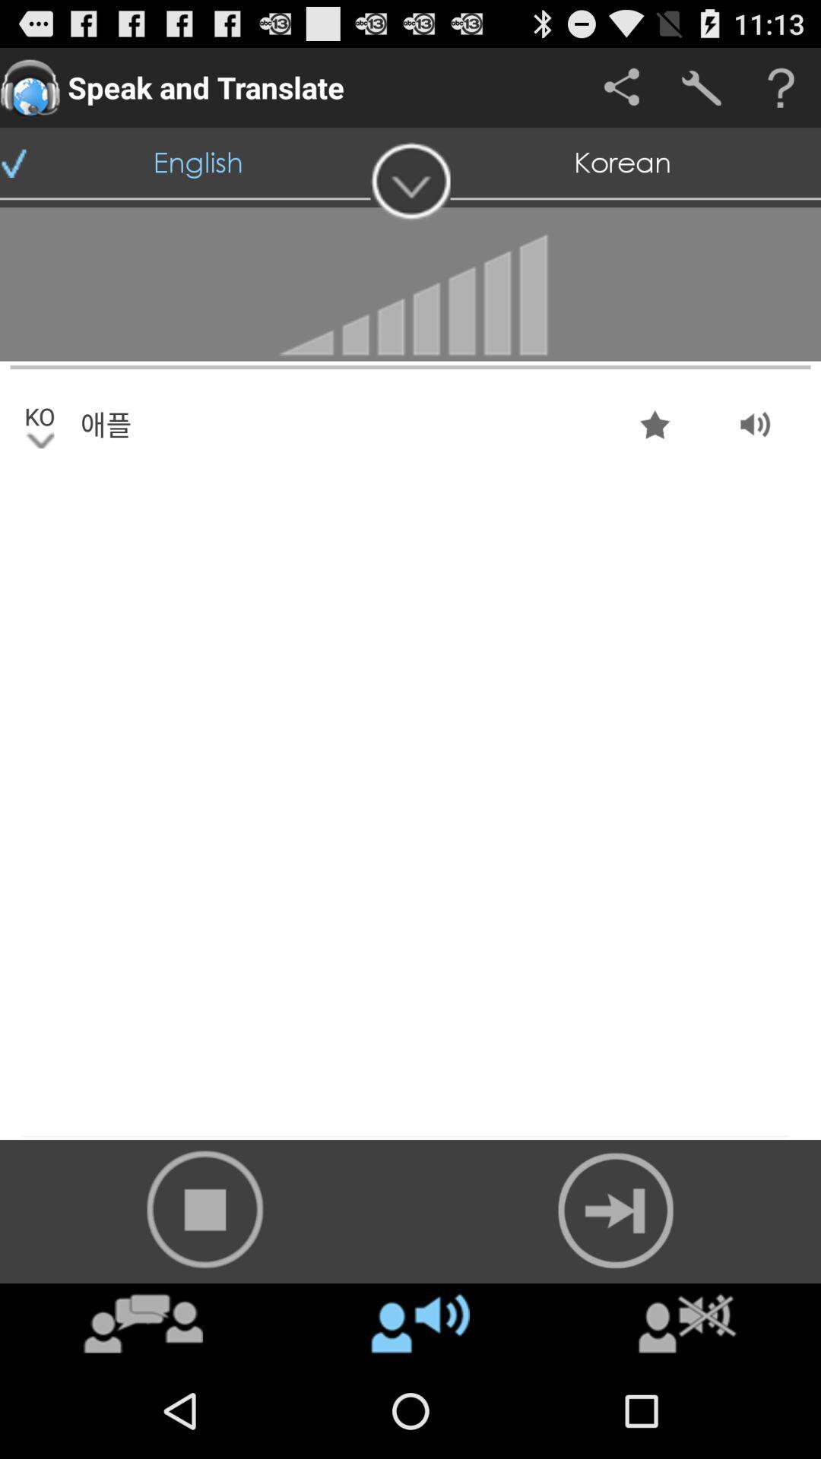  Describe the element at coordinates (621, 87) in the screenshot. I see `share and connect` at that location.